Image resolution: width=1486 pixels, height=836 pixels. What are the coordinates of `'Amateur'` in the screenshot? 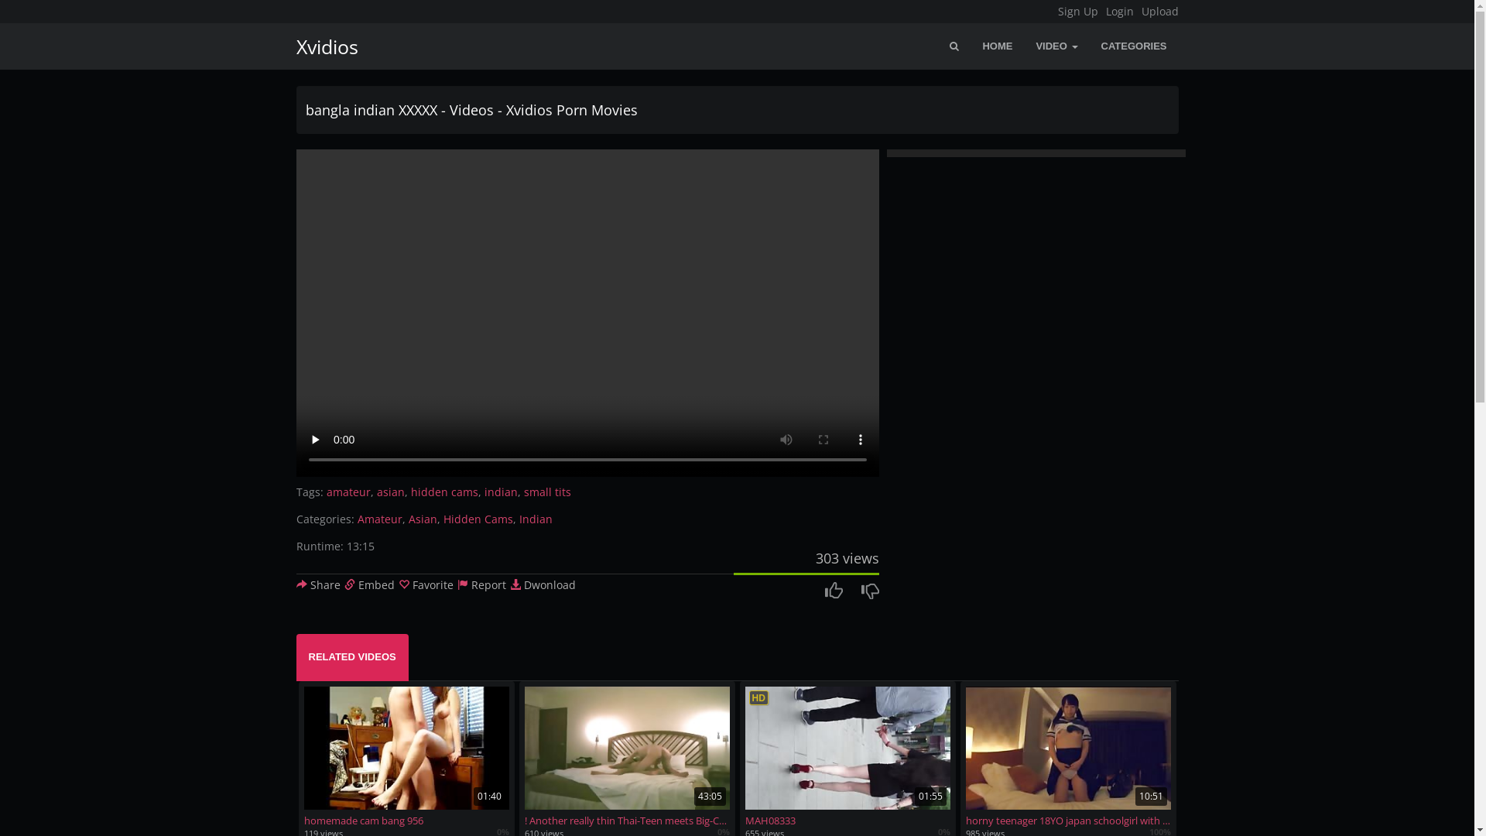 It's located at (379, 519).